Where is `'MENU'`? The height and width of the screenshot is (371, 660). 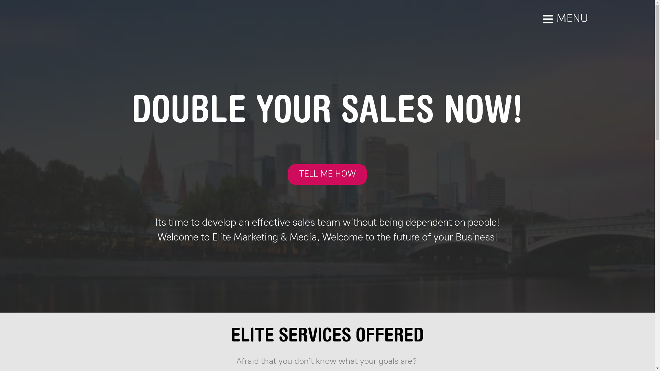 'MENU' is located at coordinates (571, 19).